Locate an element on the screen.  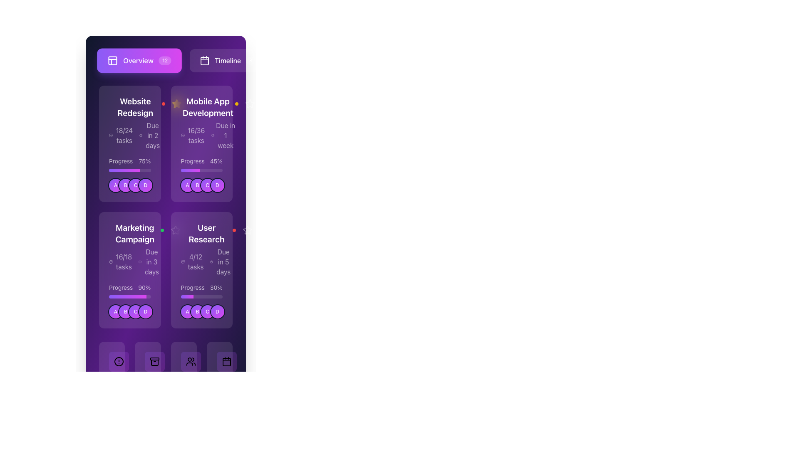
the Text label displaying '30%' which is styled in a thin white font on a purple background, located near the bottom of the 'User Research' card, right next to the word 'Progress' is located at coordinates (216, 287).